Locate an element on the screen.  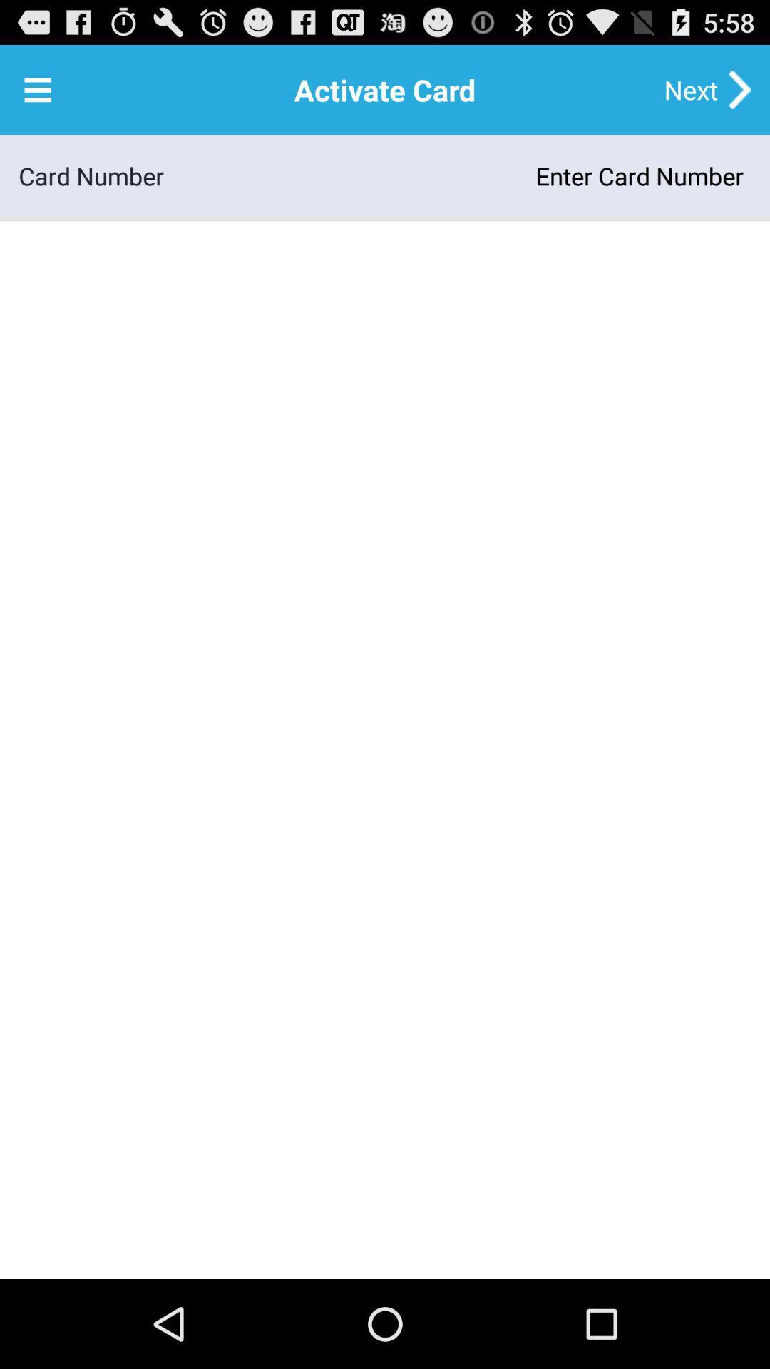
the item below next item is located at coordinates (457, 175).